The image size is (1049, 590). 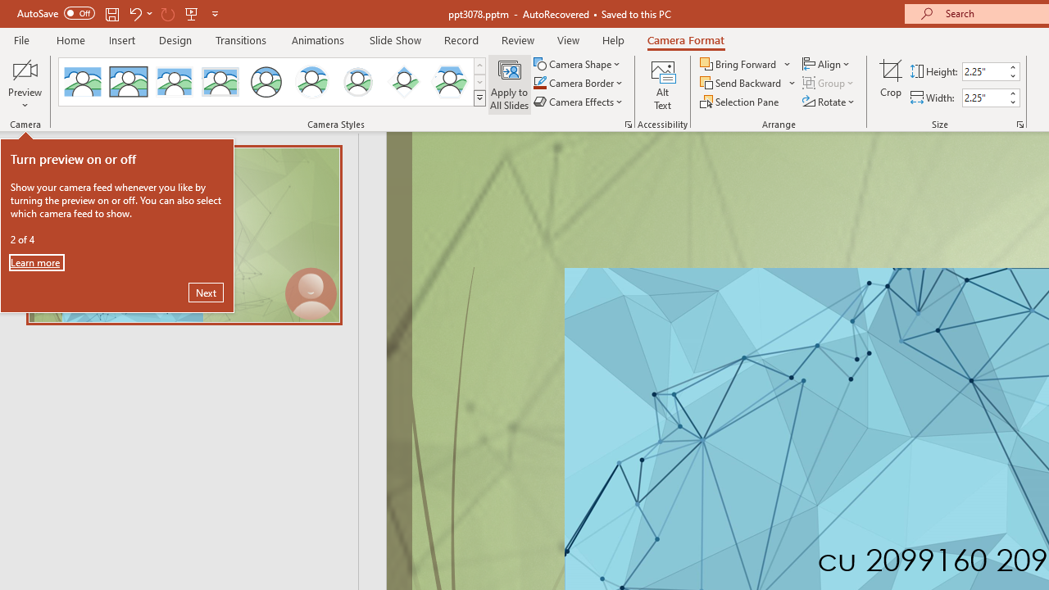 I want to click on 'Camera Effects', so click(x=579, y=102).